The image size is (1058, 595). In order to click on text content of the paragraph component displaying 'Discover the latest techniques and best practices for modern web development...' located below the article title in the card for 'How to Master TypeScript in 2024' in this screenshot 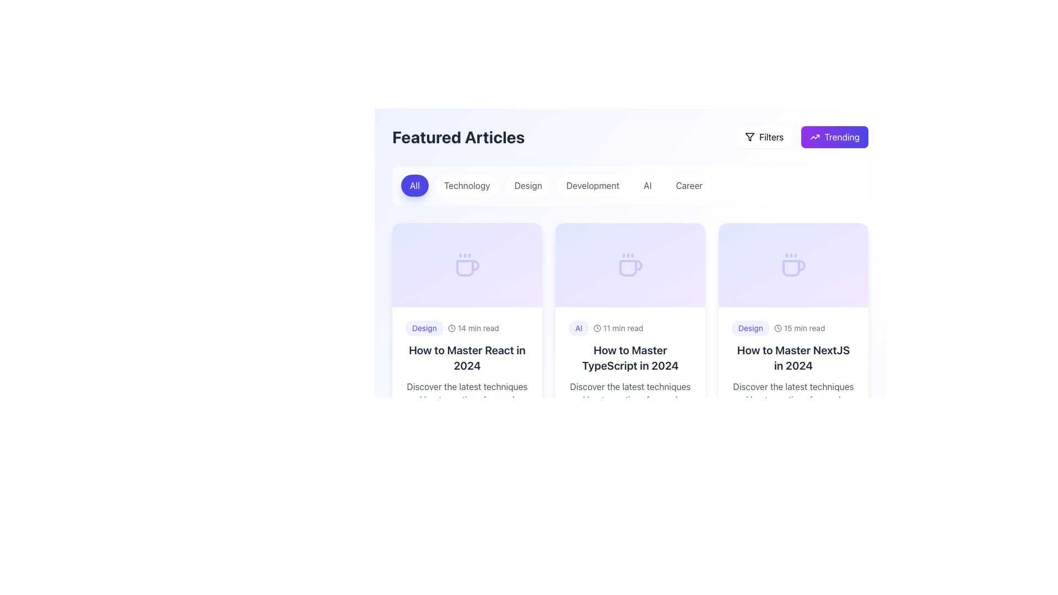, I will do `click(630, 392)`.